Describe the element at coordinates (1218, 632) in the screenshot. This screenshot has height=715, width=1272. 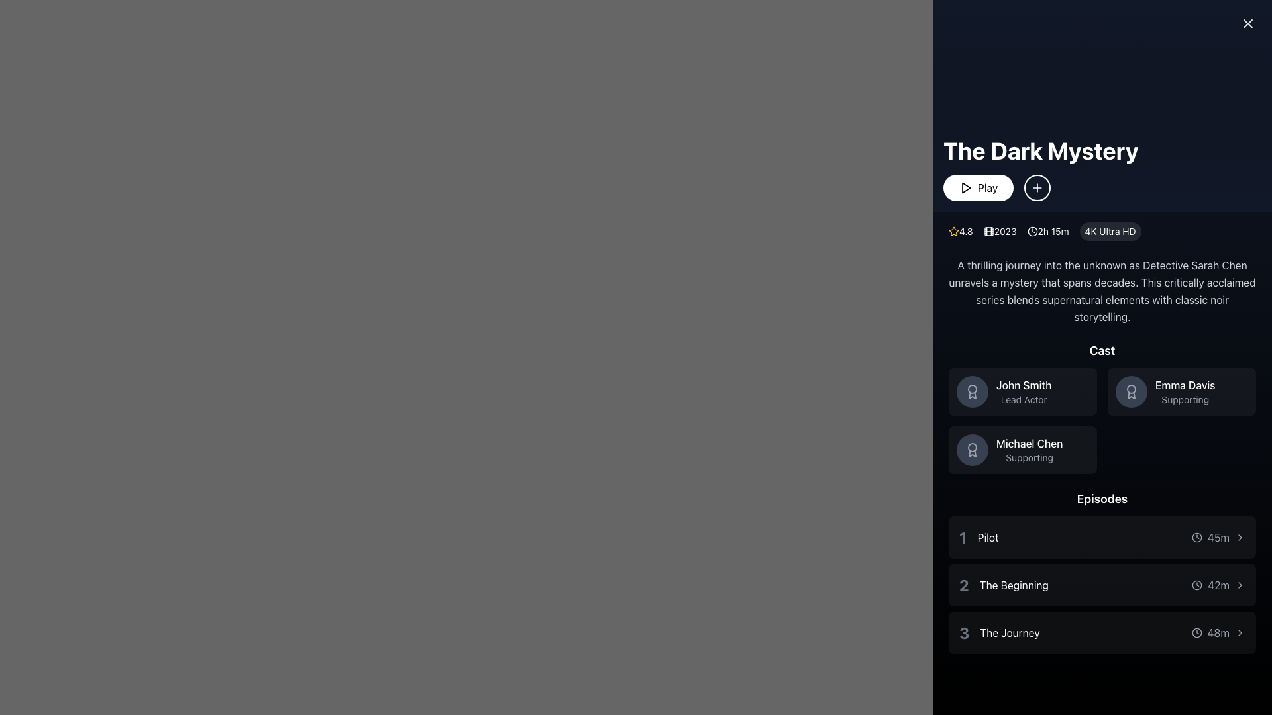
I see `the static text label displaying '48m', which is styled in gray and located next to a clock icon within the third row of episodes under 'The Journey'` at that location.